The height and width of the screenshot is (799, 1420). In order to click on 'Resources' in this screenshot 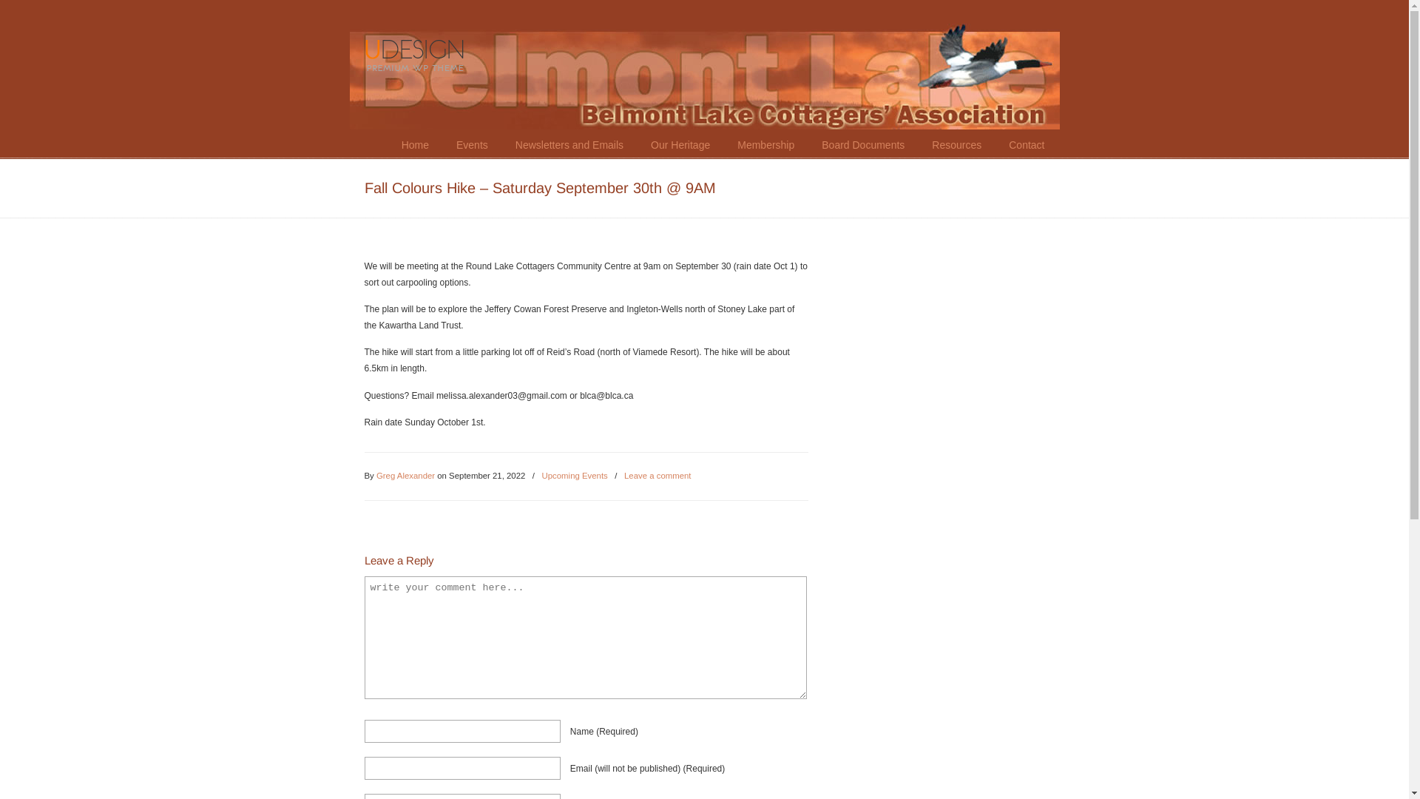, I will do `click(916, 145)`.